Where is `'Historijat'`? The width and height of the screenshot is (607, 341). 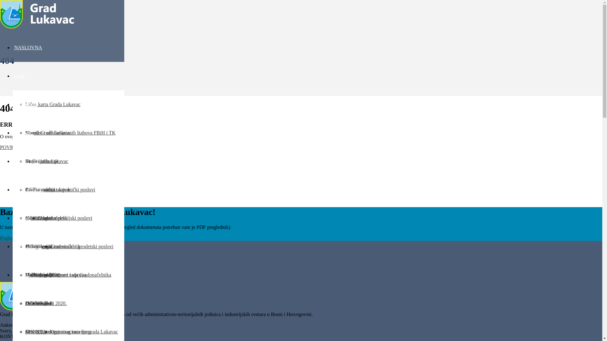
'Historijat' is located at coordinates (34, 161).